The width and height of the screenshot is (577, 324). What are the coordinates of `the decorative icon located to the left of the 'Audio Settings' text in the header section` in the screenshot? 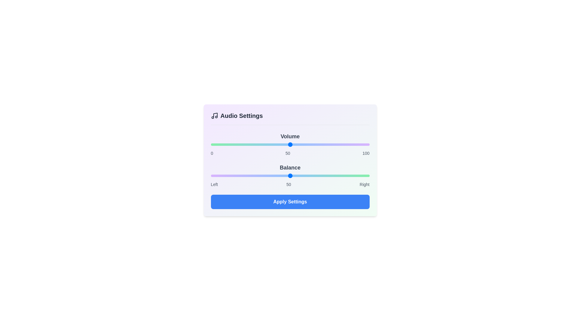 It's located at (214, 115).